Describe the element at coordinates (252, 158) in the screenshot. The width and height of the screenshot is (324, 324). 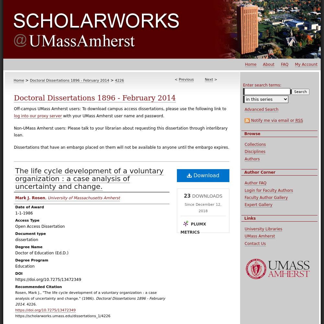
I see `'Authors'` at that location.